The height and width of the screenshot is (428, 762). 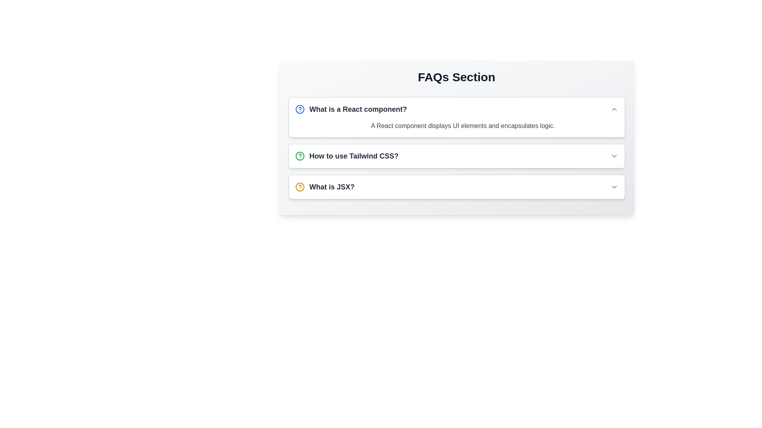 What do you see at coordinates (614, 156) in the screenshot?
I see `the downward-facing gray chevron icon located on the far right of the 'How to use Tailwind CSS?' question box in the FAQs section` at bounding box center [614, 156].